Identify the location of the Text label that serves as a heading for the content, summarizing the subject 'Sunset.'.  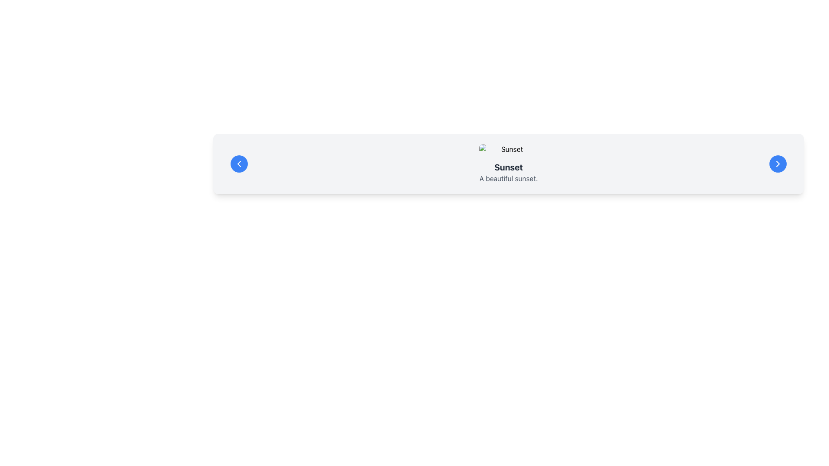
(508, 167).